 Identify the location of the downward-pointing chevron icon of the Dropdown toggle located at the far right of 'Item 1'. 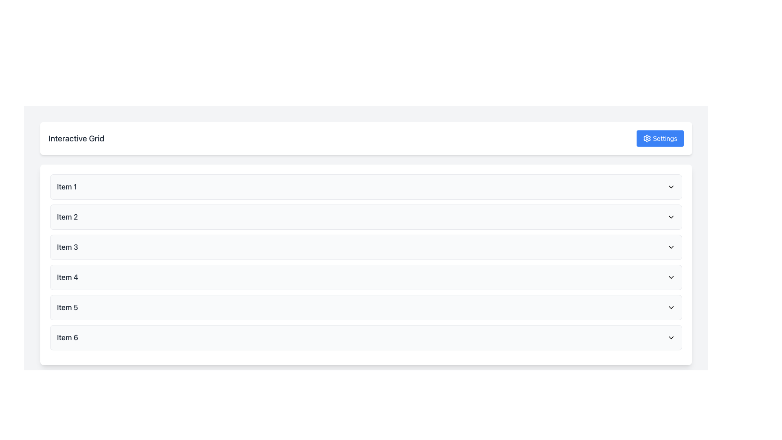
(671, 187).